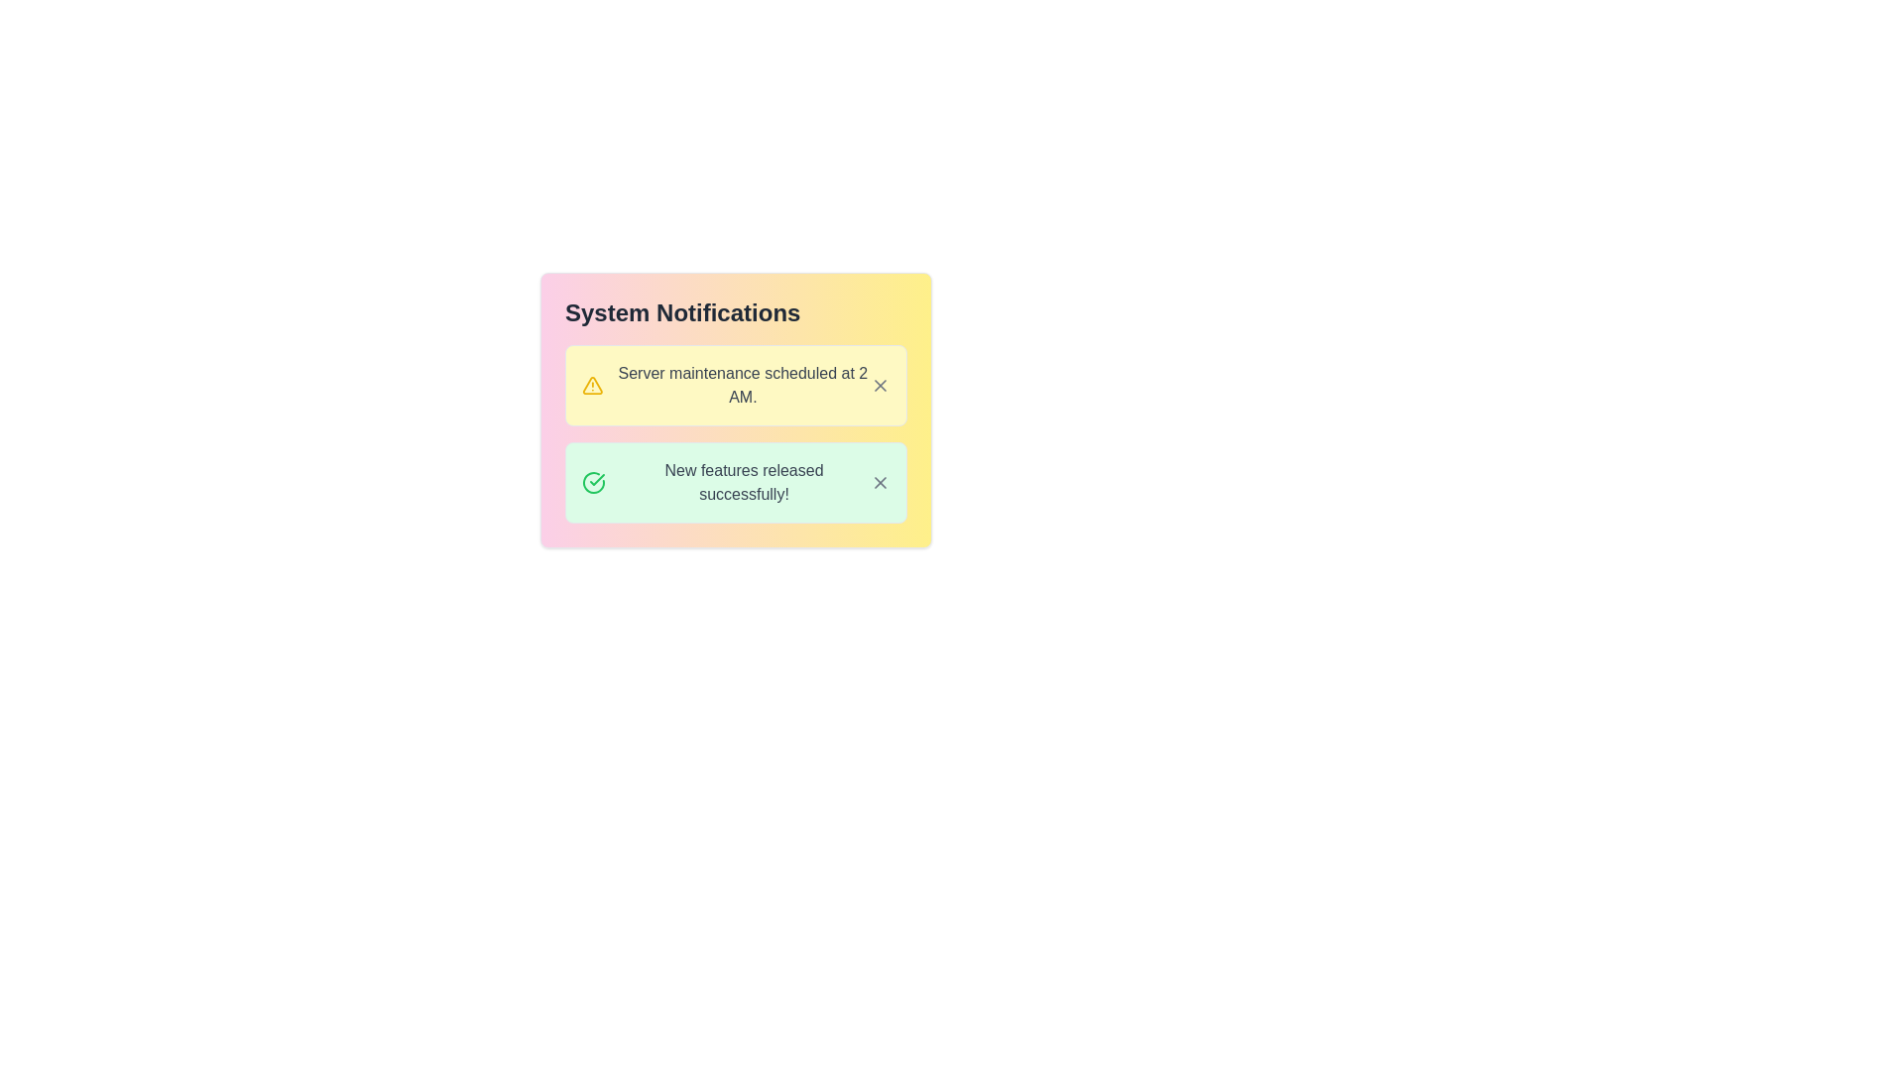 This screenshot has width=1904, height=1071. Describe the element at coordinates (596, 479) in the screenshot. I see `the green checkmark icon part of the SVG graphic located to the left of the notification text 'New features released successfully!' in the second notification row` at that location.